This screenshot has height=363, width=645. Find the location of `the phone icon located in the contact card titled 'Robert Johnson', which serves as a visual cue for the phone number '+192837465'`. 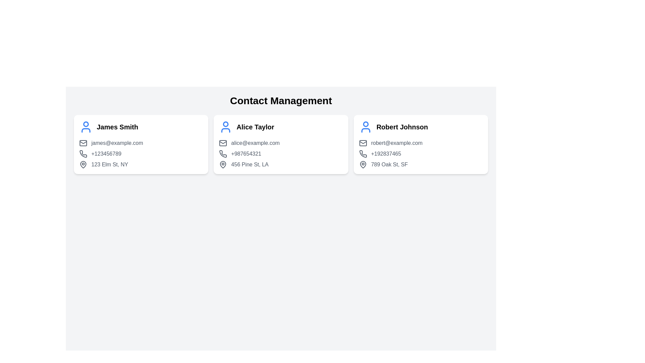

the phone icon located in the contact card titled 'Robert Johnson', which serves as a visual cue for the phone number '+192837465' is located at coordinates (362, 154).